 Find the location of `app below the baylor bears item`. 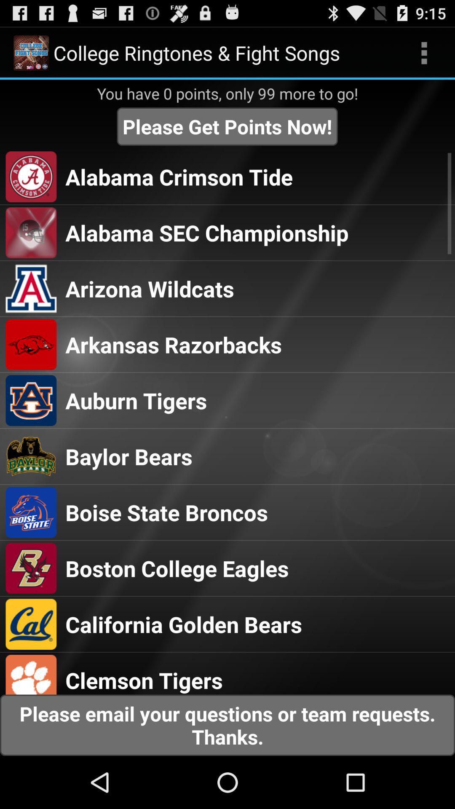

app below the baylor bears item is located at coordinates (166, 512).